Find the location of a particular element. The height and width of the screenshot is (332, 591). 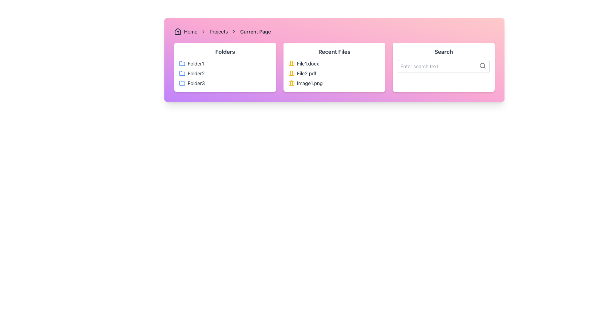

the folder icon located on the left side of the 'Folders' section, adjacent to the label 'Folder1' is located at coordinates (182, 63).